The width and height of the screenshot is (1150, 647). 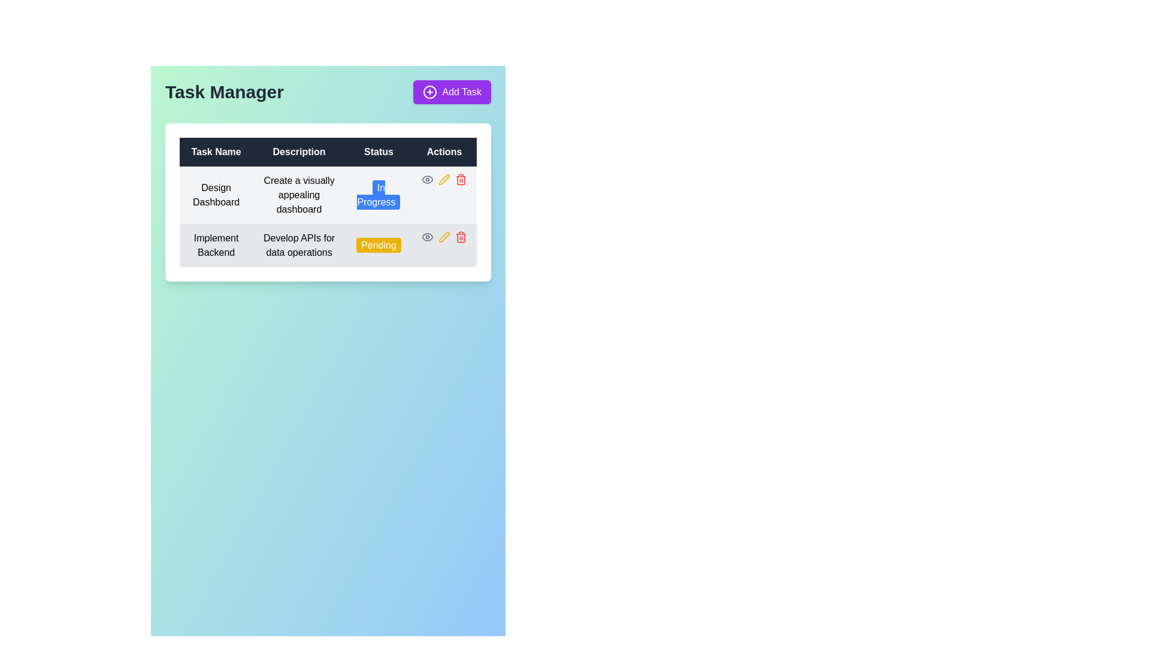 I want to click on the eye icon button in the 'Actions' column of the first row in the task table to change its color, so click(x=428, y=237).